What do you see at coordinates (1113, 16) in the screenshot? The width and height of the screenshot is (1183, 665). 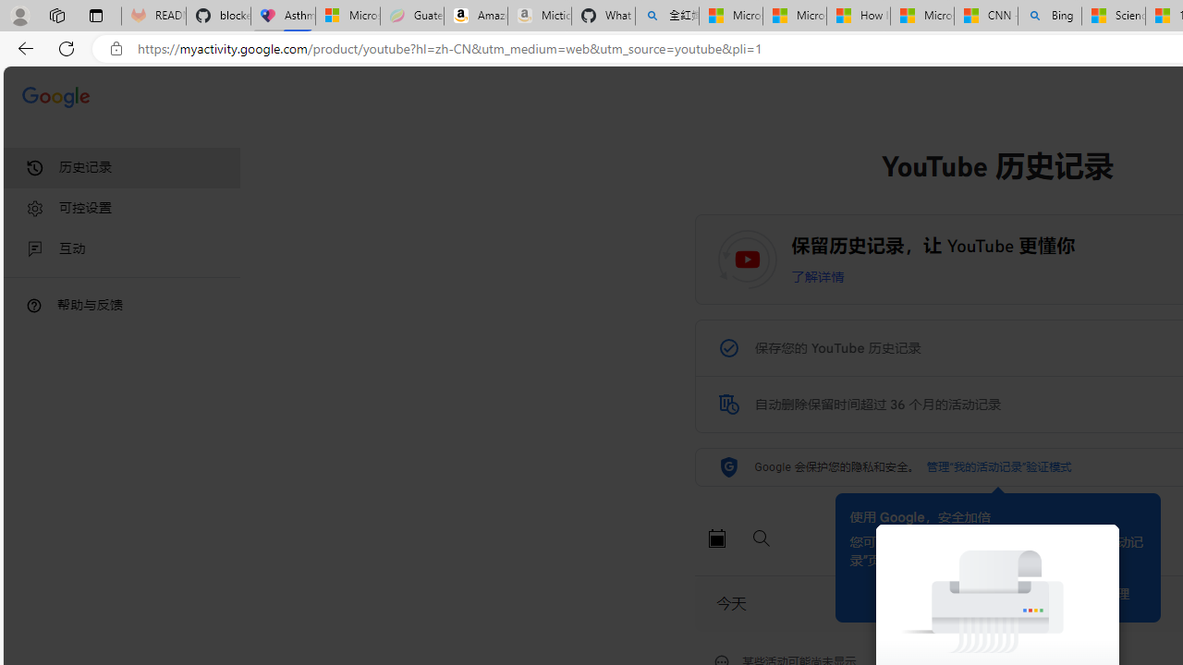 I see `'Science - MSN'` at bounding box center [1113, 16].